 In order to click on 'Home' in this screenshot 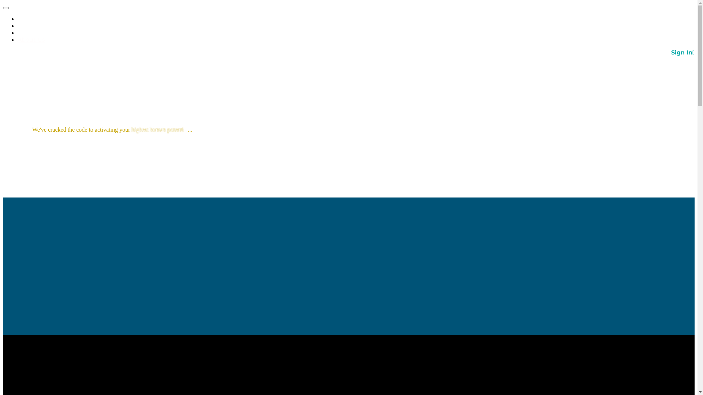, I will do `click(26, 18)`.